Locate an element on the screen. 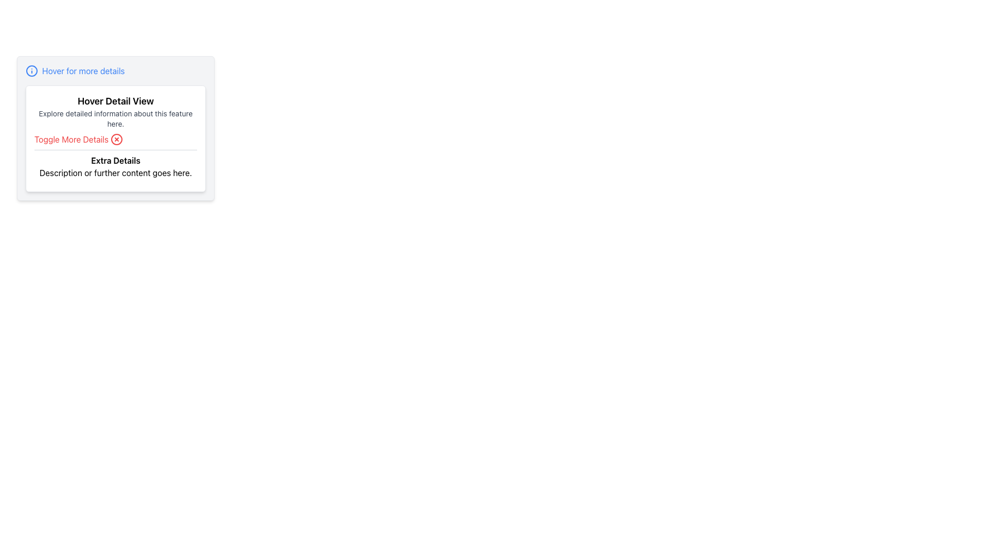  the circular icon with a cross symbol located to the right of the 'Toggle More Details' text label is located at coordinates (116, 139).